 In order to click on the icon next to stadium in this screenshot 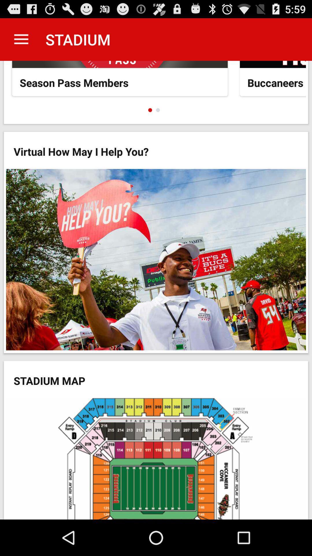, I will do `click(21, 39)`.